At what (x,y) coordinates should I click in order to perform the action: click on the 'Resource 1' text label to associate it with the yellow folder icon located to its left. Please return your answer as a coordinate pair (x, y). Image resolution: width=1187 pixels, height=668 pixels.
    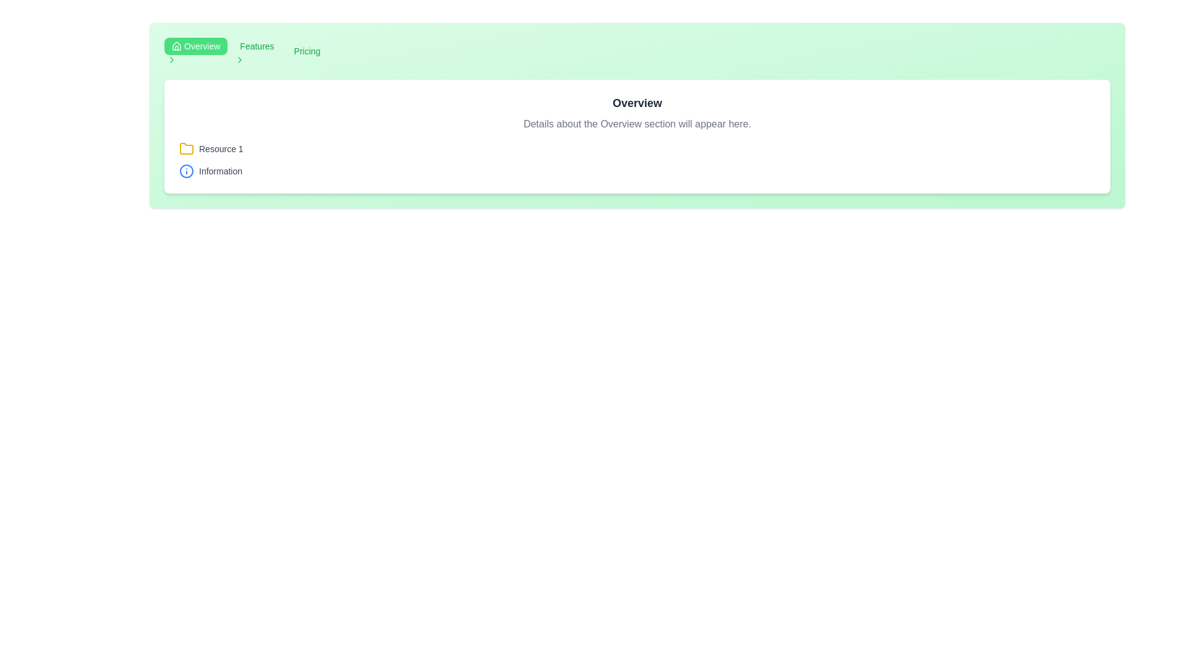
    Looking at the image, I should click on (221, 148).